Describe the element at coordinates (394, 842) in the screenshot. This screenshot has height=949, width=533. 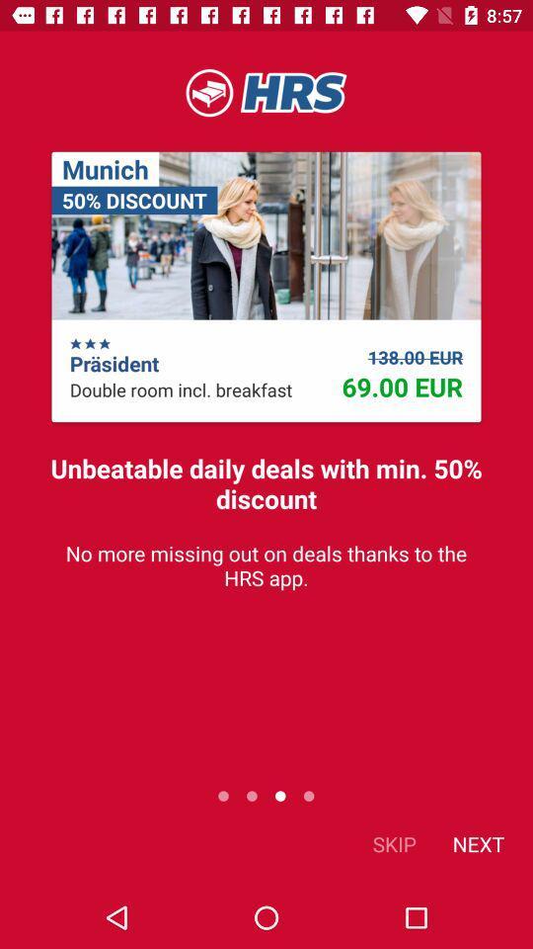
I see `the skip item` at that location.